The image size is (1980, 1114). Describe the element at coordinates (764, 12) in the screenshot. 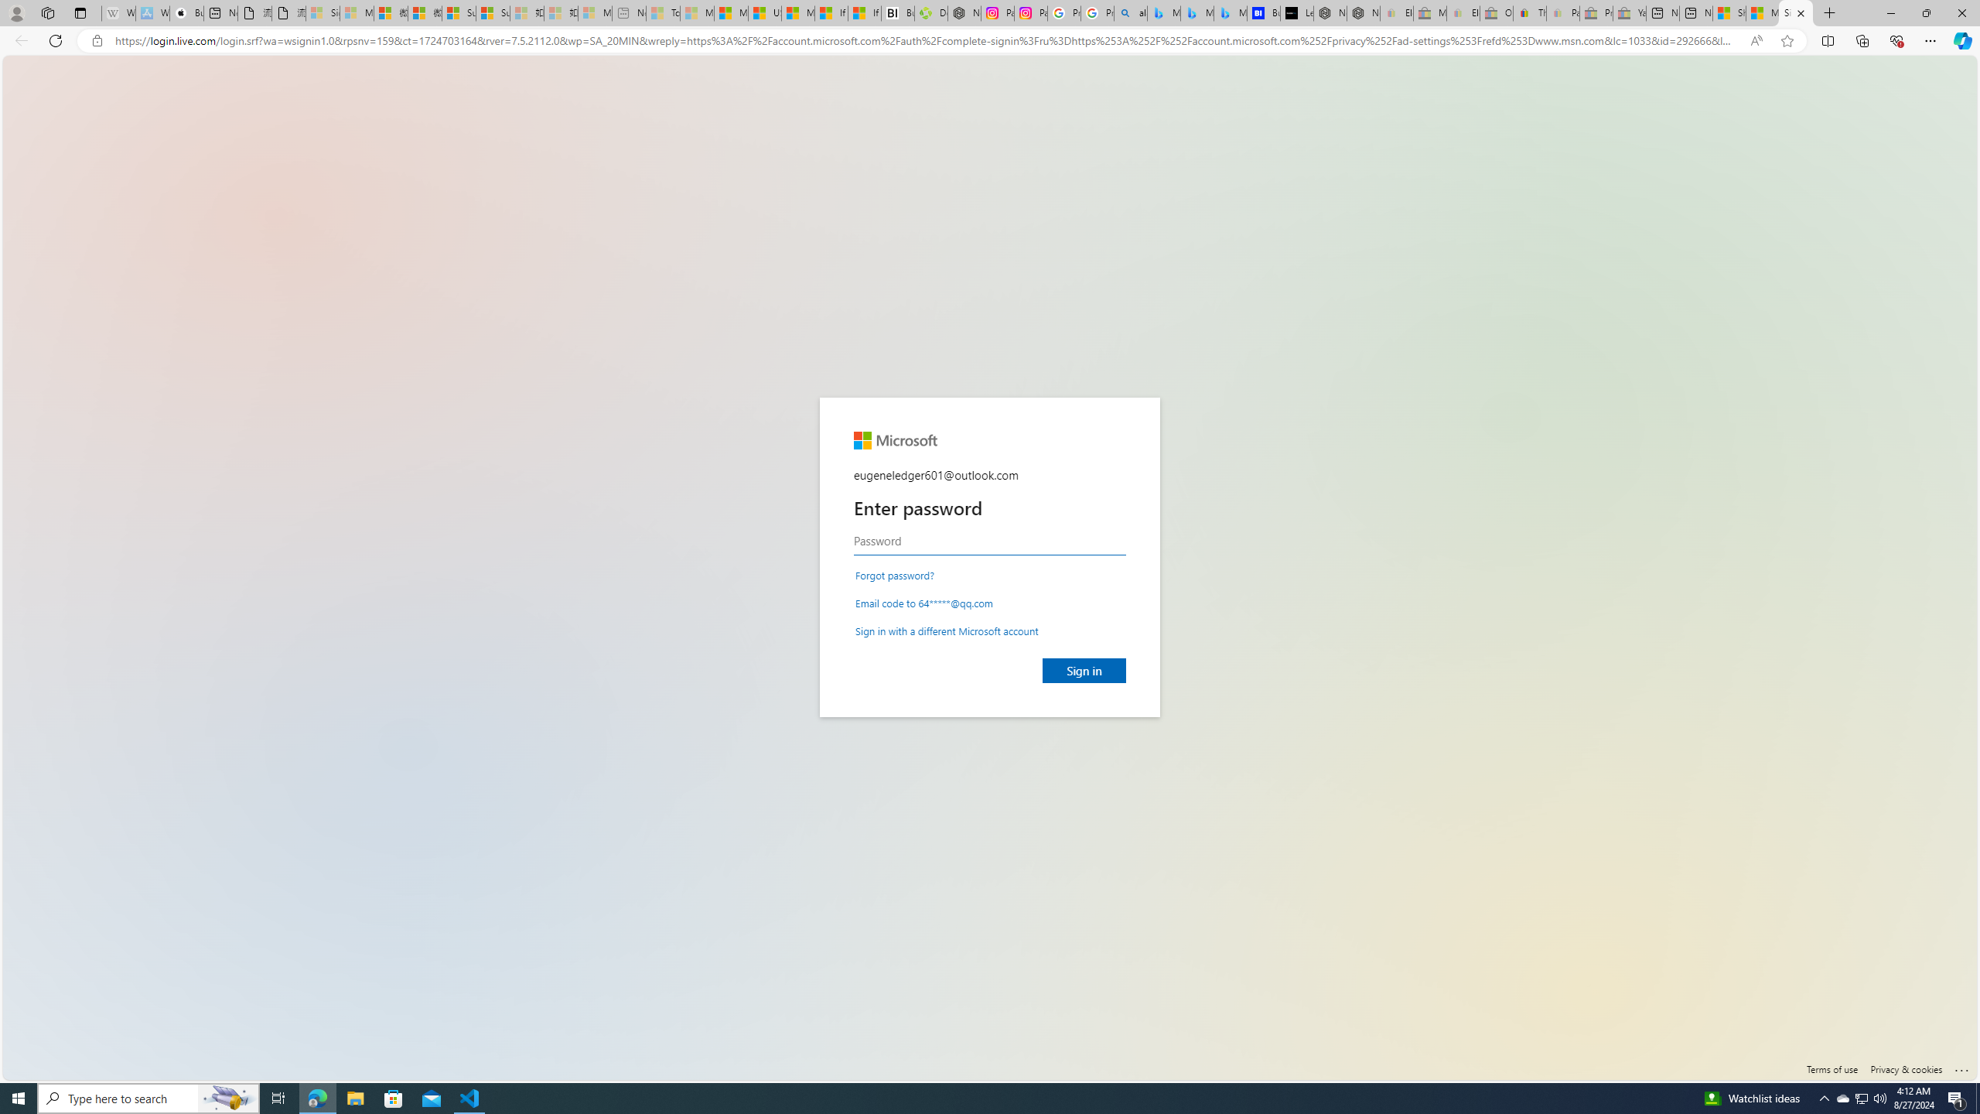

I see `'US Heat Deaths Soared To Record High Last Year'` at that location.